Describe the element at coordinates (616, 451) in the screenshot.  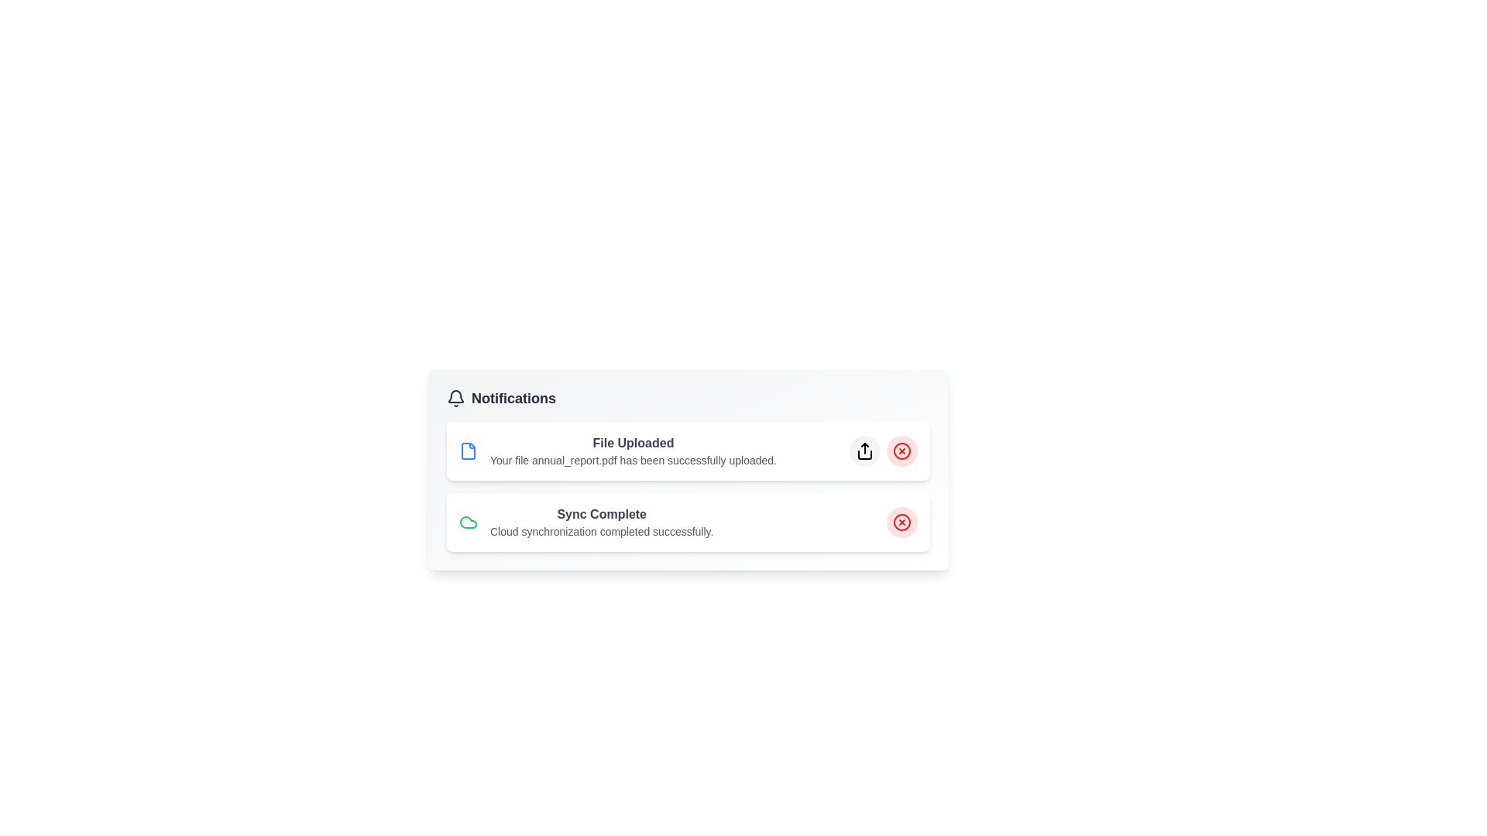
I see `the interactive elements of the first notification in the notification panel that informs about the successful upload of 'annual_report.pdf'` at that location.